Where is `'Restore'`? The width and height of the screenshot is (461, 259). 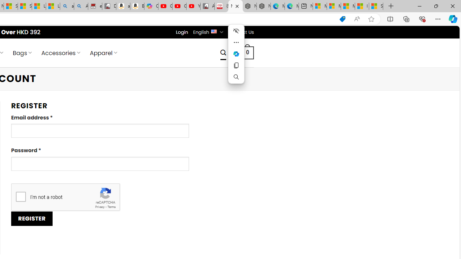
'Restore' is located at coordinates (435, 6).